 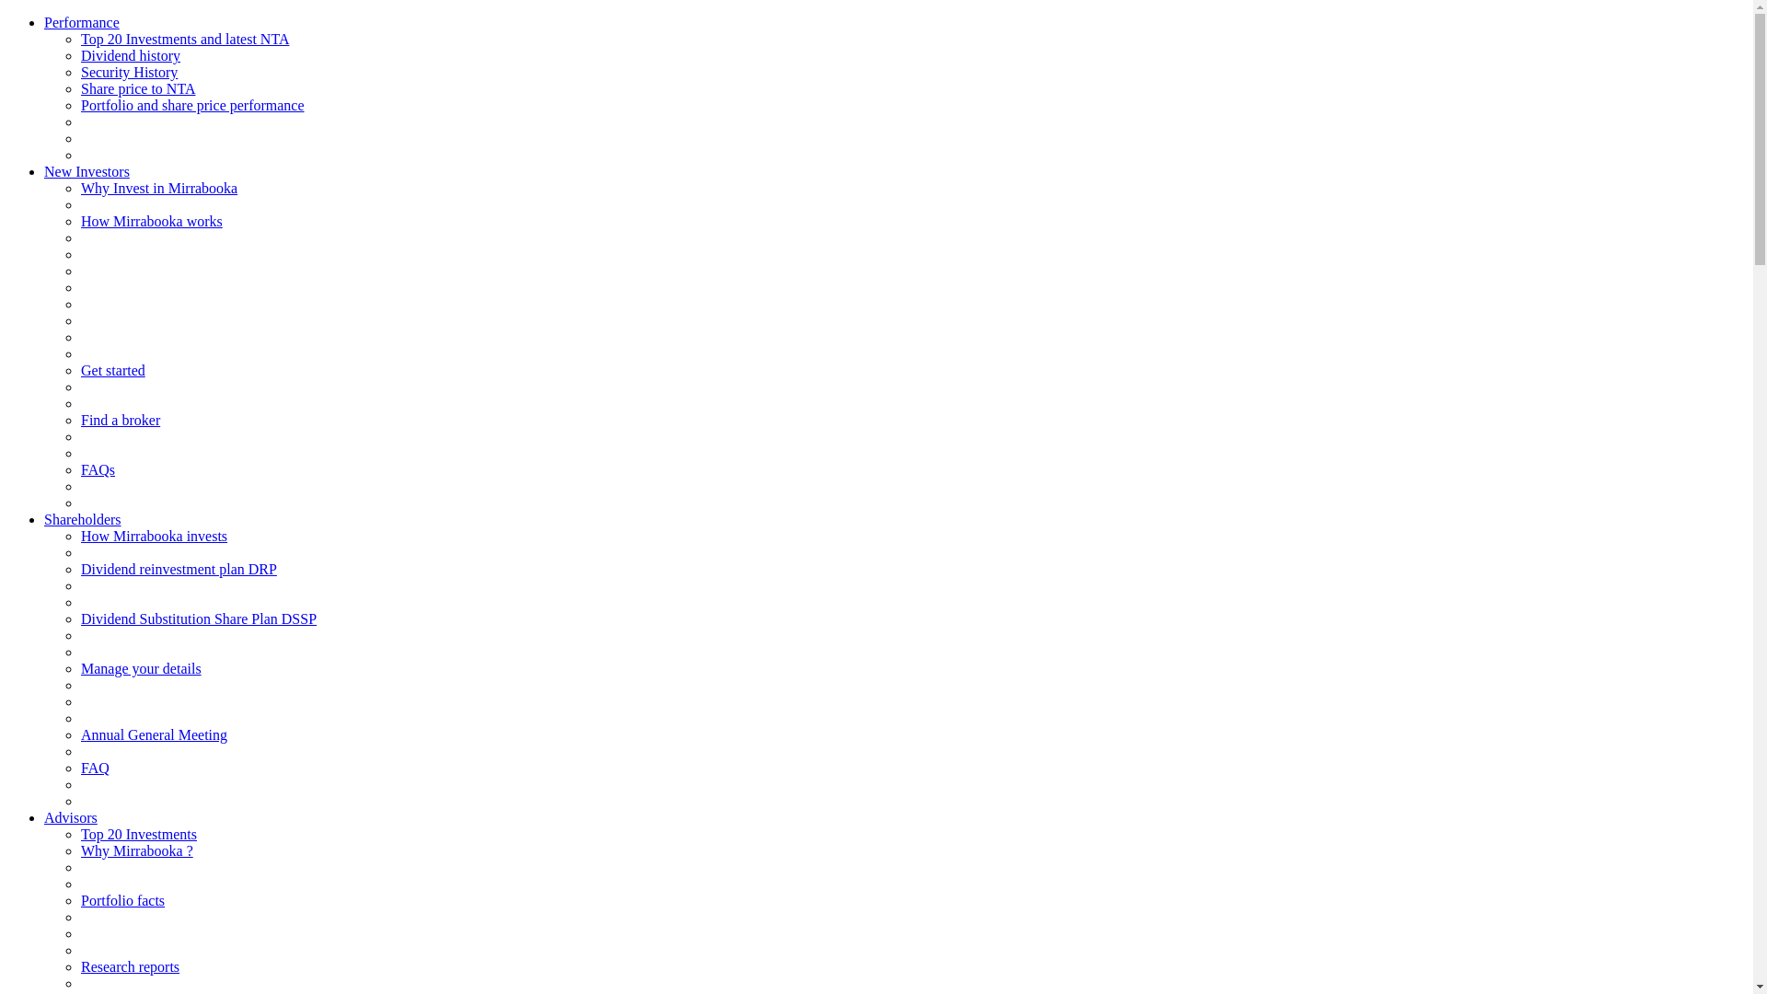 What do you see at coordinates (128, 71) in the screenshot?
I see `'Security History'` at bounding box center [128, 71].